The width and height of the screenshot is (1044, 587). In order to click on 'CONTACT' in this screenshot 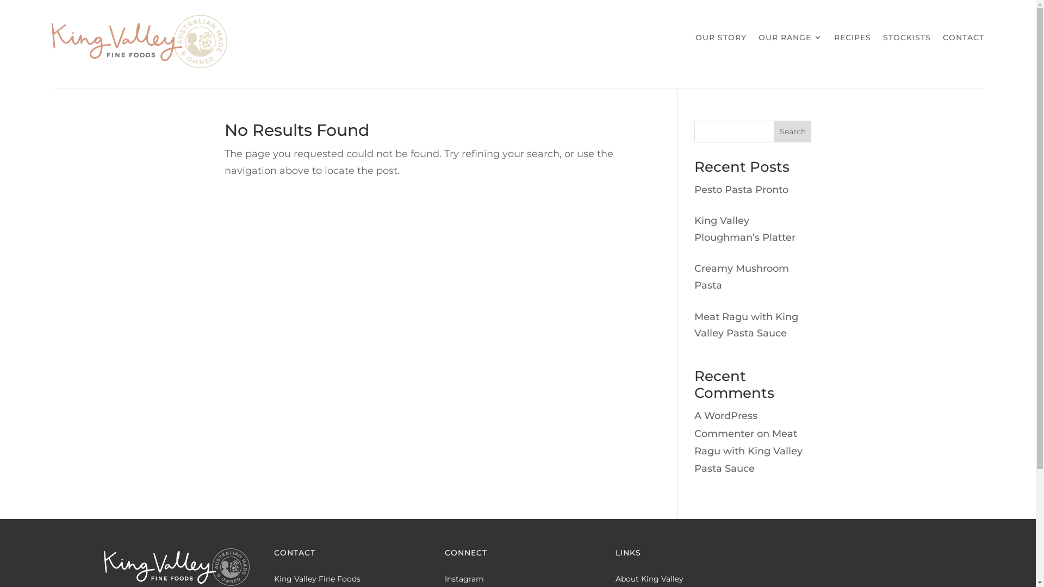, I will do `click(963, 39)`.